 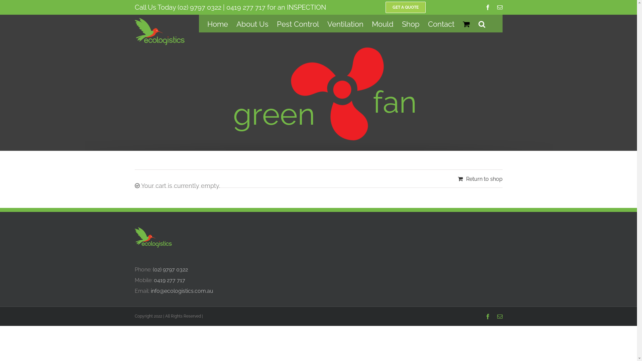 What do you see at coordinates (405, 7) in the screenshot?
I see `'GET A QUOTE'` at bounding box center [405, 7].